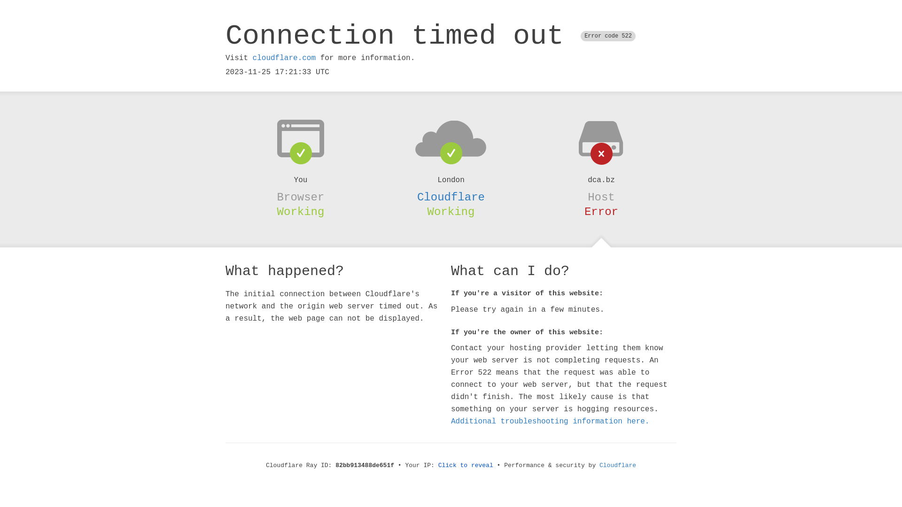 The image size is (902, 507). I want to click on 'cloudflare.com', so click(283, 58).